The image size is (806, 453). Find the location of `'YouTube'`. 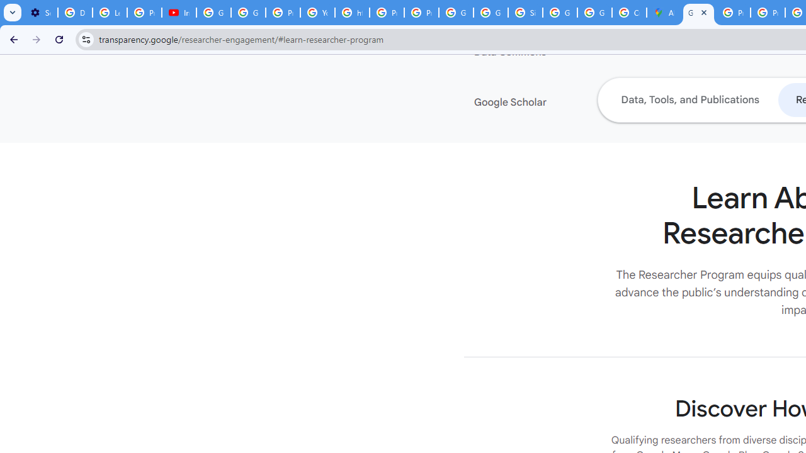

'YouTube' is located at coordinates (317, 13).